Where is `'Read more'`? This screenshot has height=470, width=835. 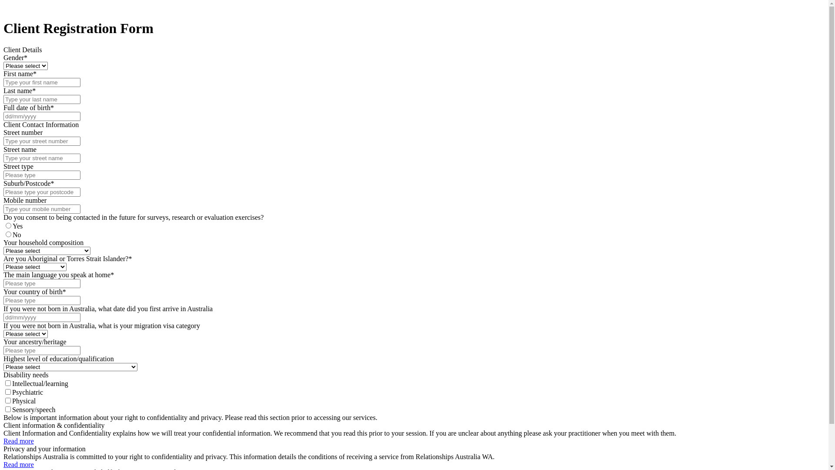 'Read more' is located at coordinates (19, 441).